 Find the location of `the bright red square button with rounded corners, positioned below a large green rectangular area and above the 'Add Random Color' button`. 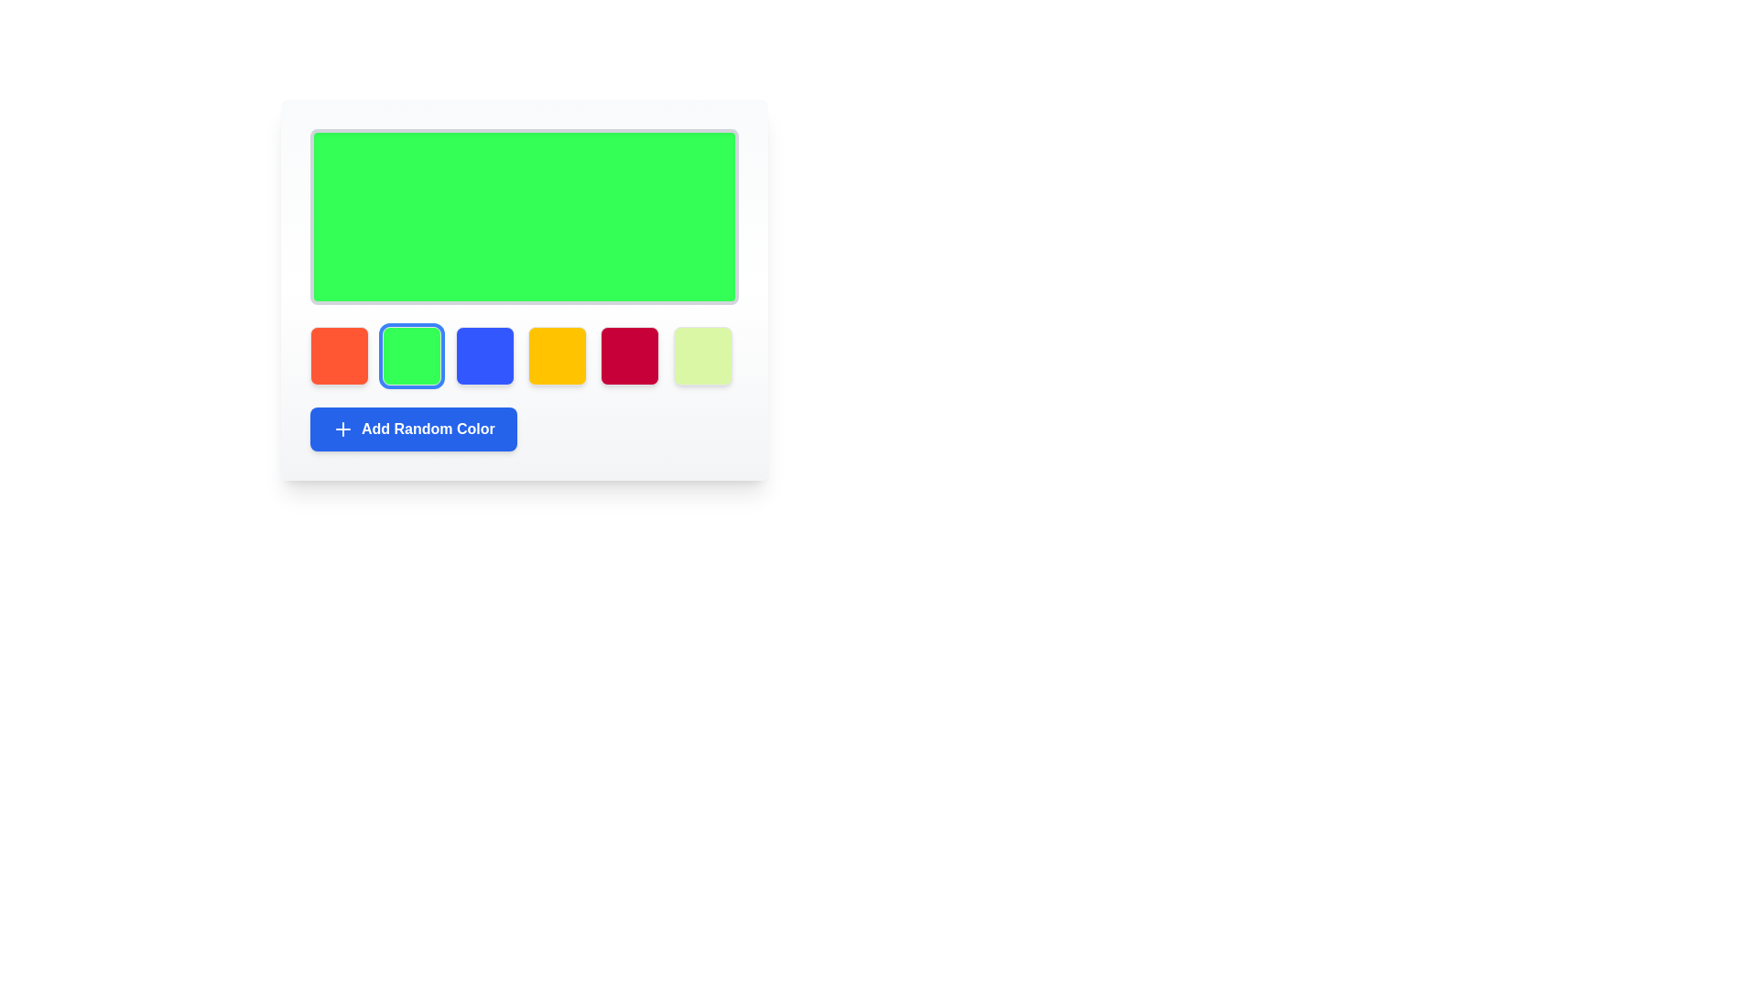

the bright red square button with rounded corners, positioned below a large green rectangular area and above the 'Add Random Color' button is located at coordinates (630, 356).